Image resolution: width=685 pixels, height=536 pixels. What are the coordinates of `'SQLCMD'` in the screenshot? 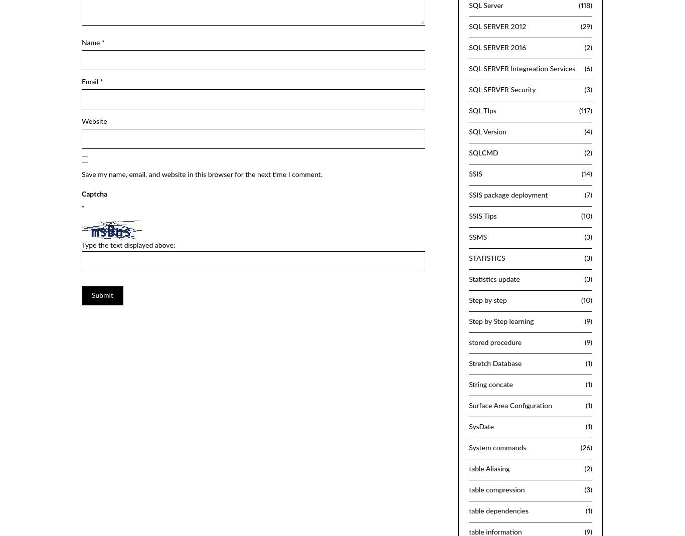 It's located at (483, 152).